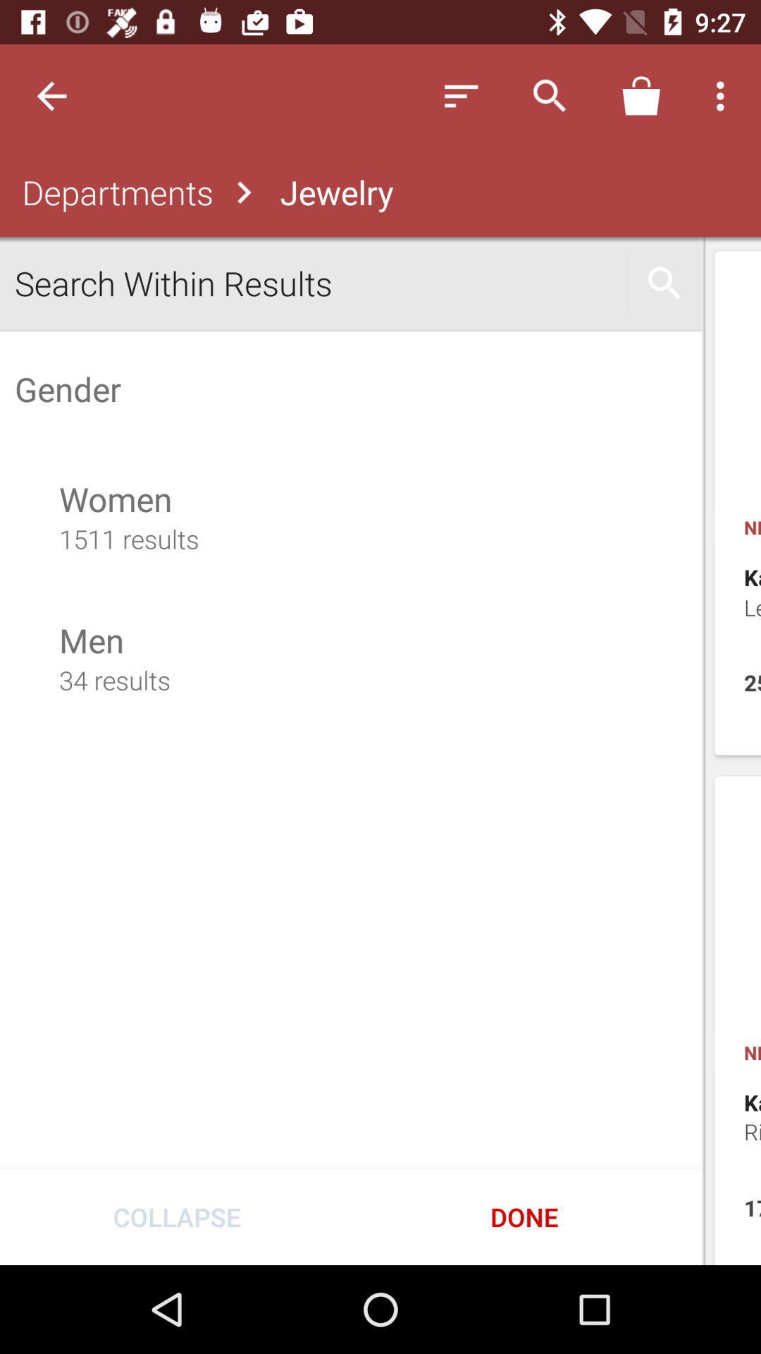  What do you see at coordinates (176, 1216) in the screenshot?
I see `item next to done icon` at bounding box center [176, 1216].